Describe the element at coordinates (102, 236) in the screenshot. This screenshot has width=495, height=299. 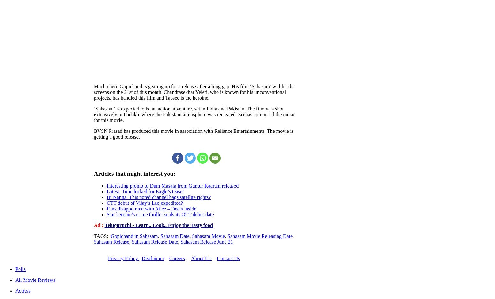
I see `'TAGS:'` at that location.